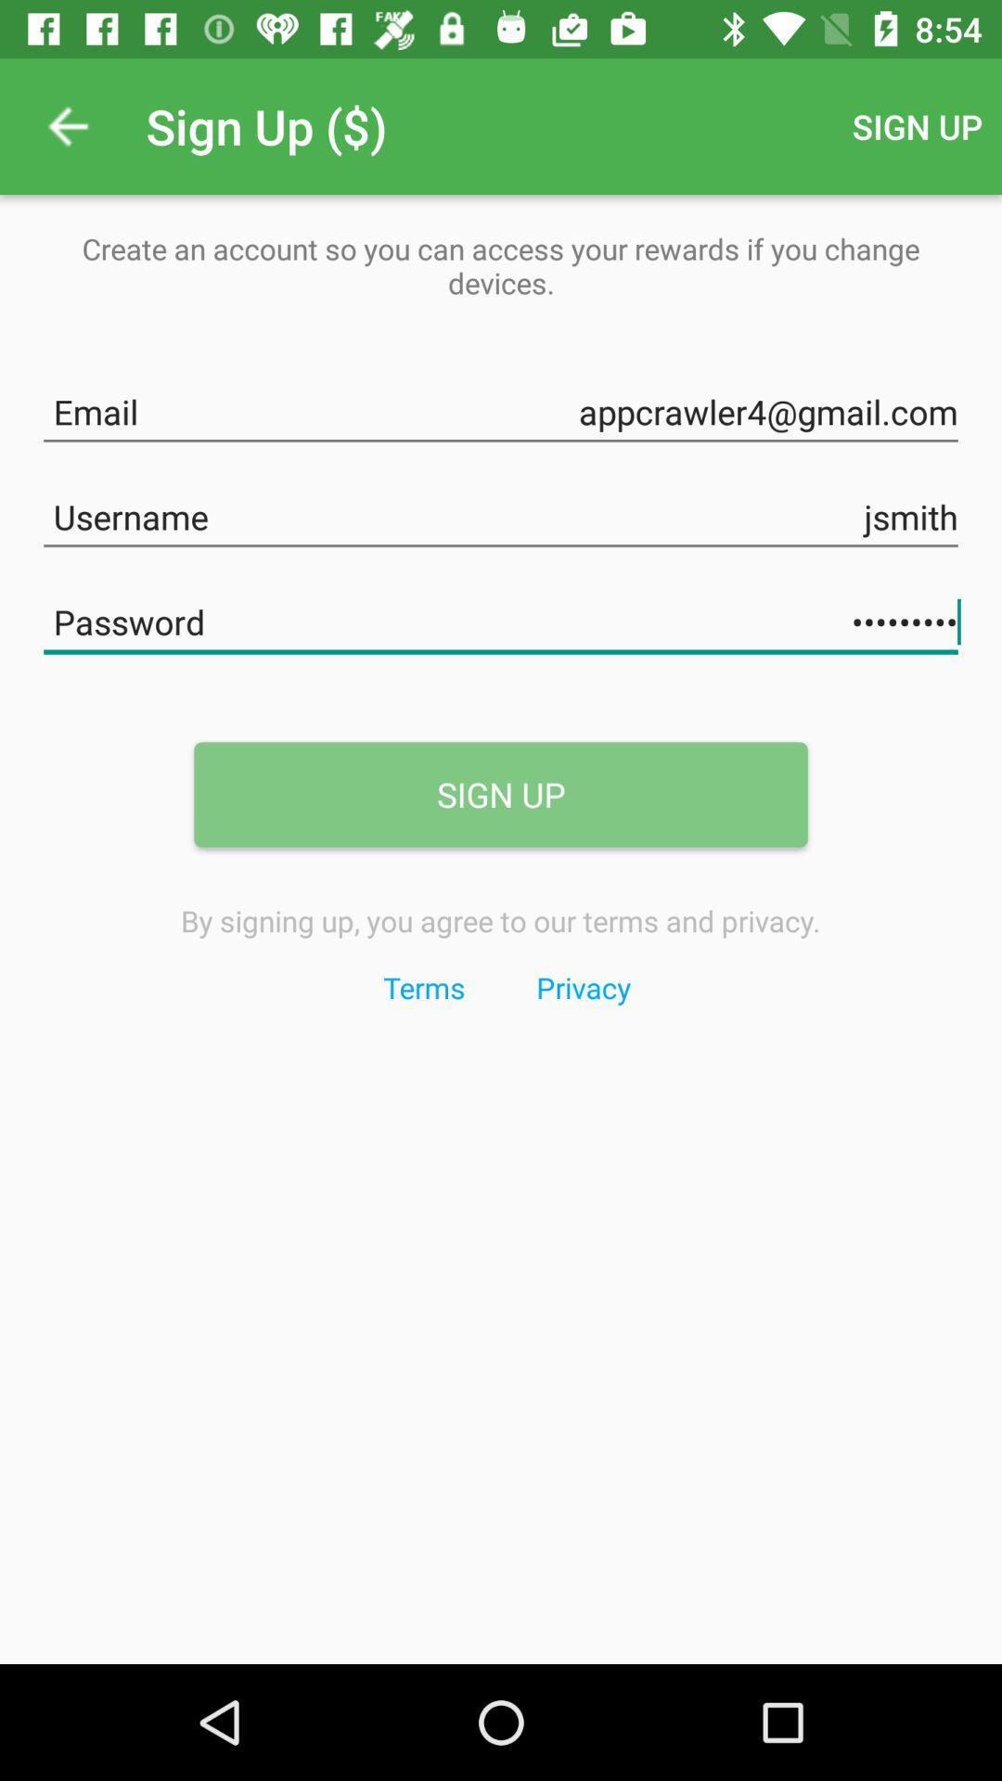  Describe the element at coordinates (501, 407) in the screenshot. I see `the appcrawler4@gmail.com icon` at that location.